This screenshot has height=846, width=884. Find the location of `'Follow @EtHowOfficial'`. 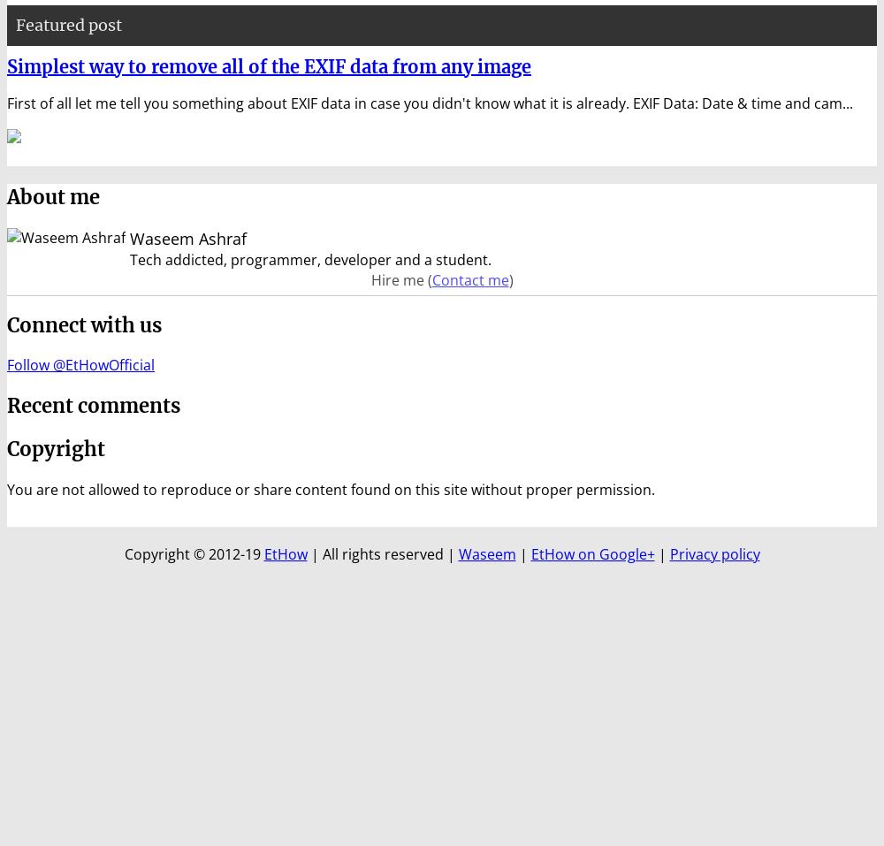

'Follow @EtHowOfficial' is located at coordinates (7, 364).